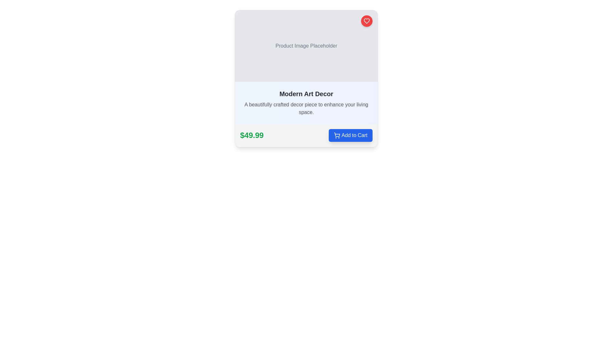  What do you see at coordinates (306, 108) in the screenshot?
I see `the text label containing the description 'A beautifully crafted decor piece to enhance your living space.' which is located below the title 'Modern Art Decor' in the card layout` at bounding box center [306, 108].